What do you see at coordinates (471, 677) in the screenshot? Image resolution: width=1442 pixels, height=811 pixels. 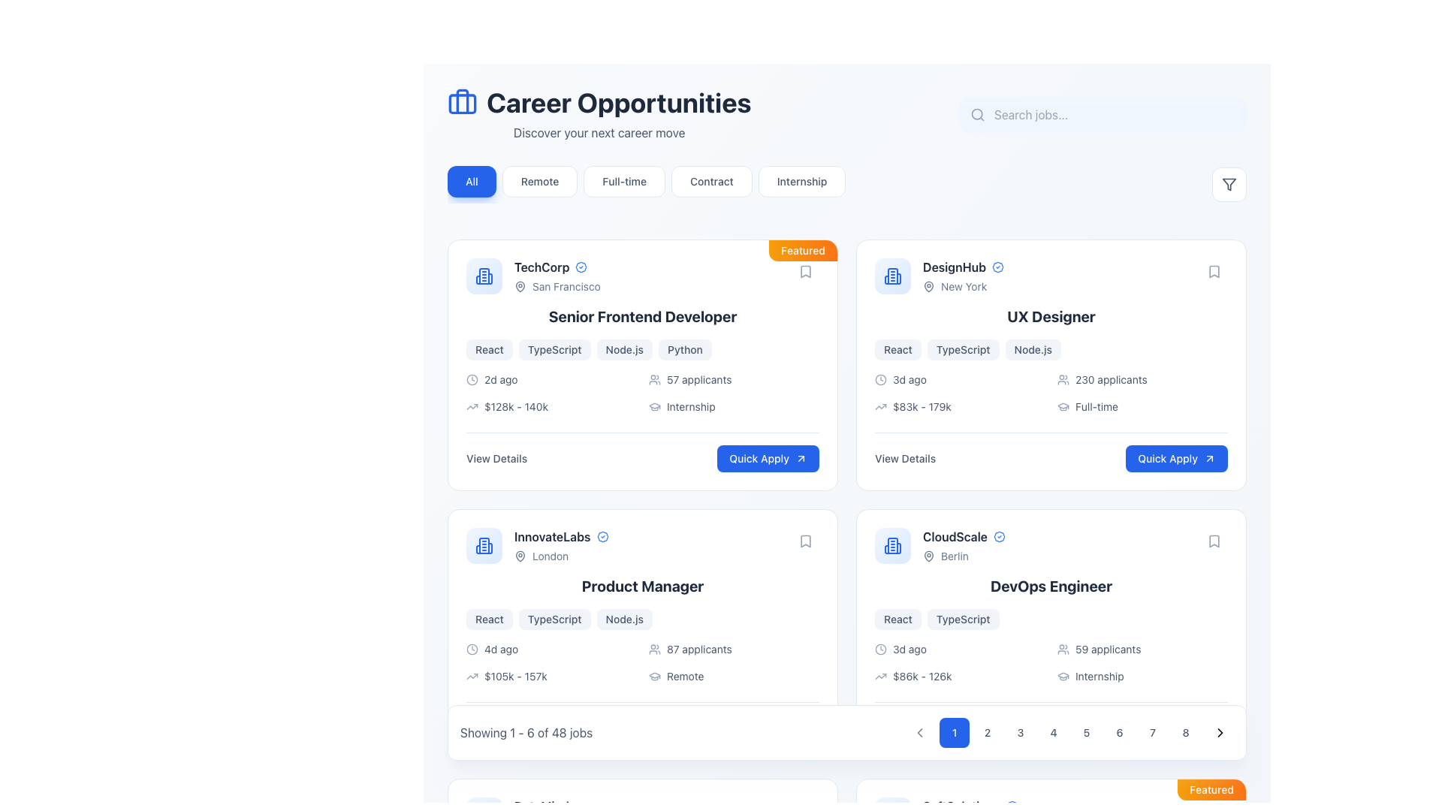 I see `the small upward trending graph icon, which is slate-gray and located to the left of the text '$105k - 157k' in the job listing for 'Product Manager' from 'InnovateLabs'` at bounding box center [471, 677].